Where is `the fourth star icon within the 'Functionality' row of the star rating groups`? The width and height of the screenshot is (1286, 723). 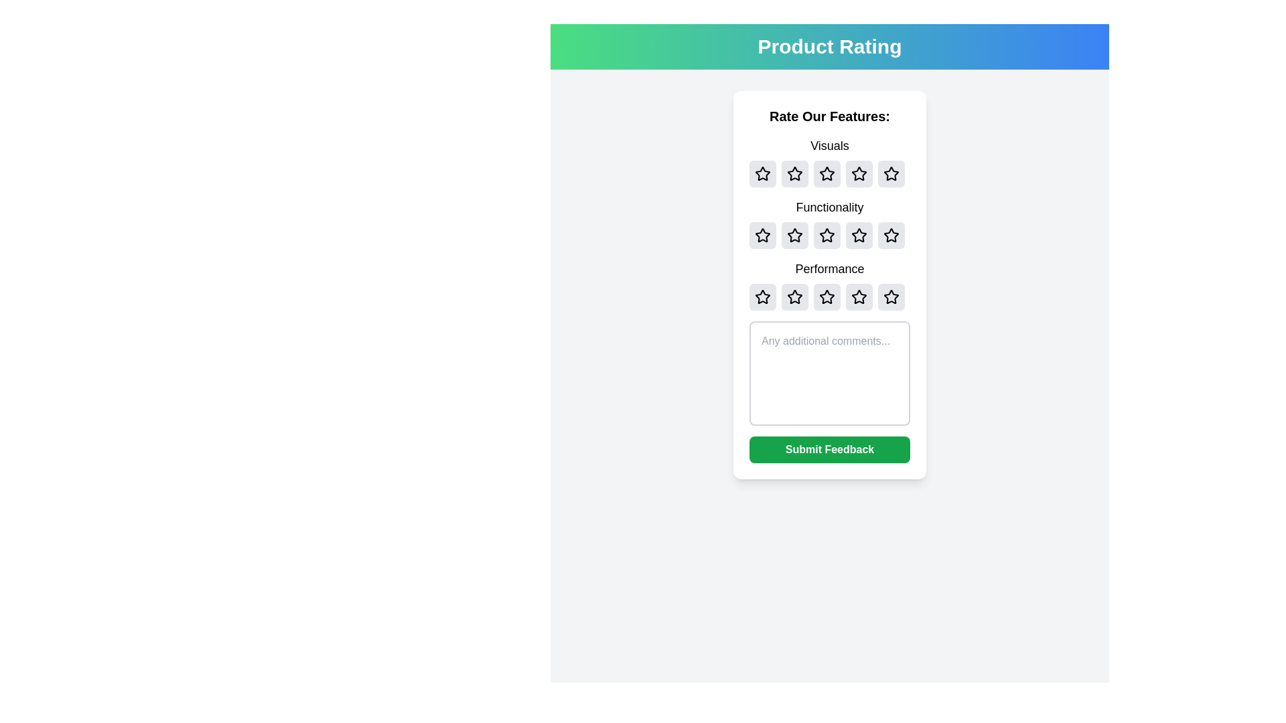
the fourth star icon within the 'Functionality' row of the star rating groups is located at coordinates (859, 234).